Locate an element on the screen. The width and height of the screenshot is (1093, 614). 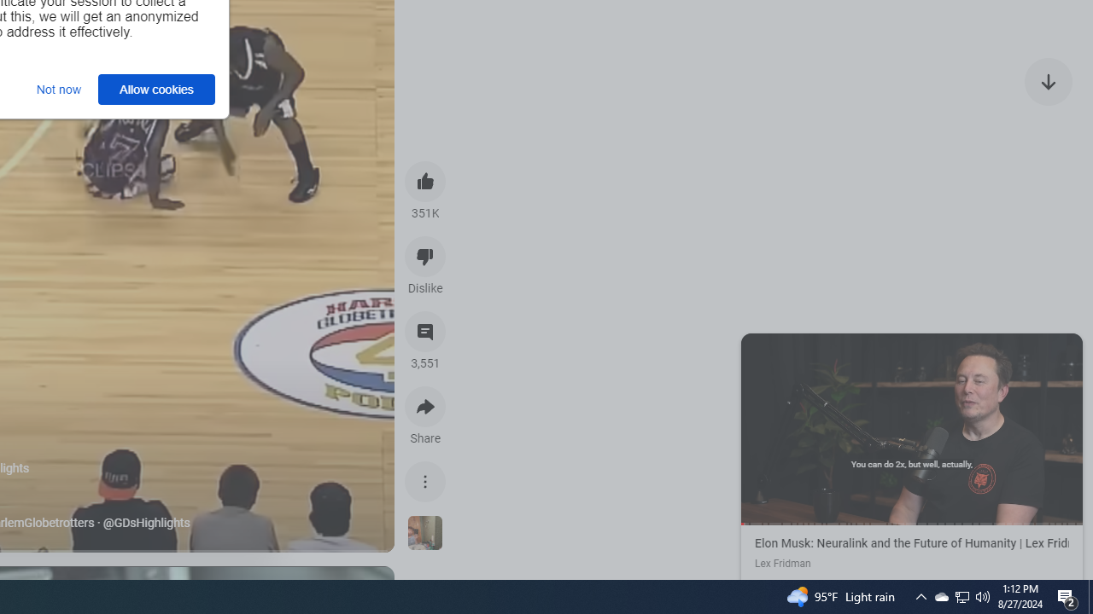
'More actions' is located at coordinates (425, 481).